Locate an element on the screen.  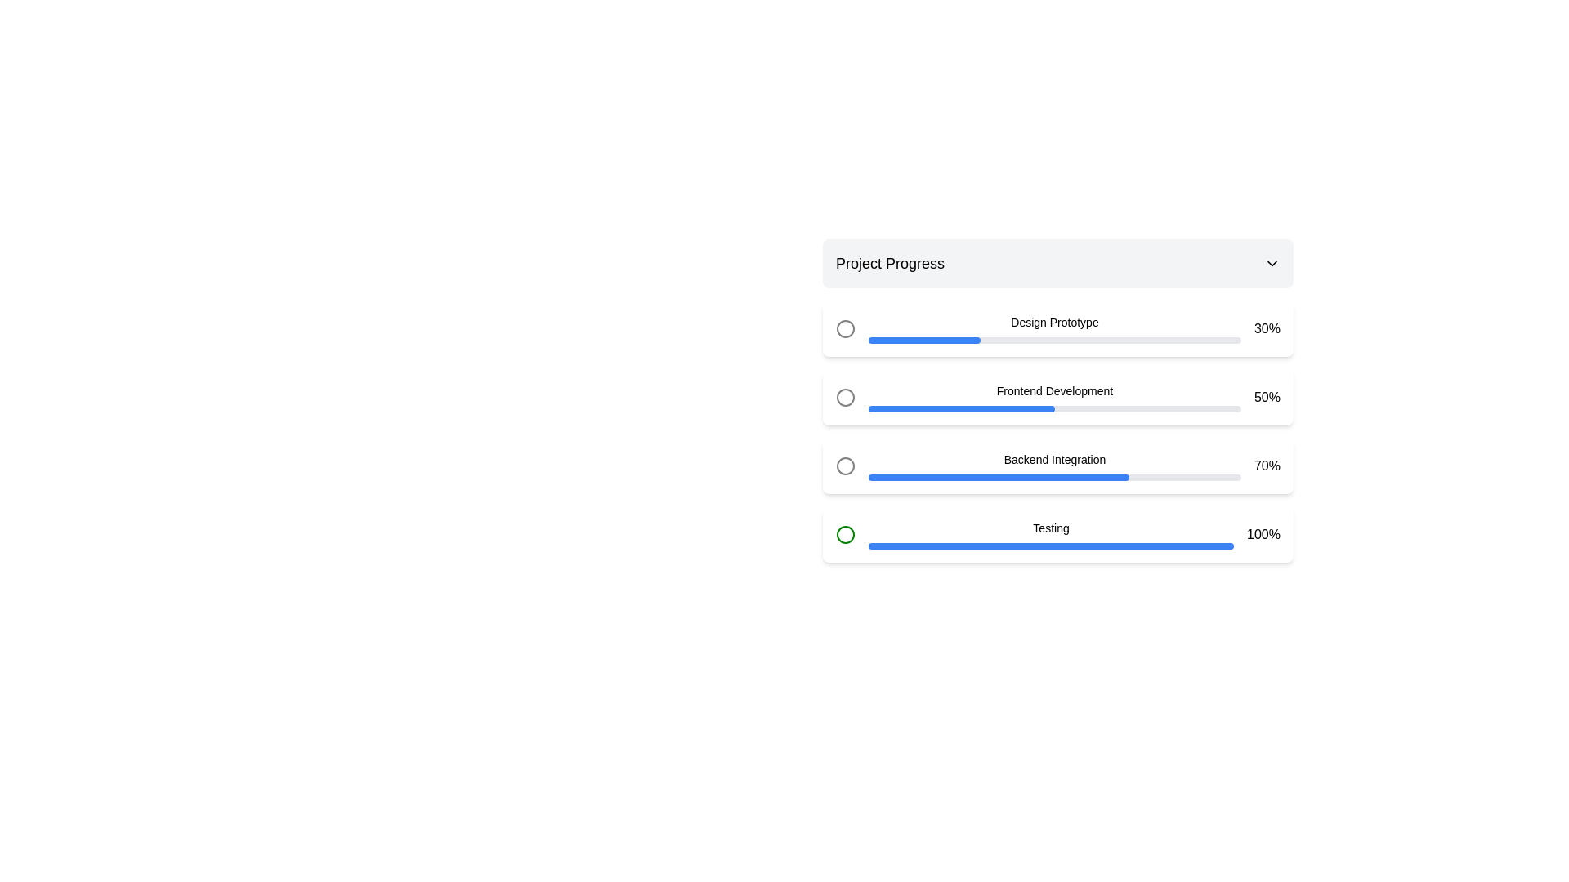
the Circle icon in the progress tracker, which is outlined with a gray stroke and is located next to the 'Backend Integration' text is located at coordinates (846, 465).